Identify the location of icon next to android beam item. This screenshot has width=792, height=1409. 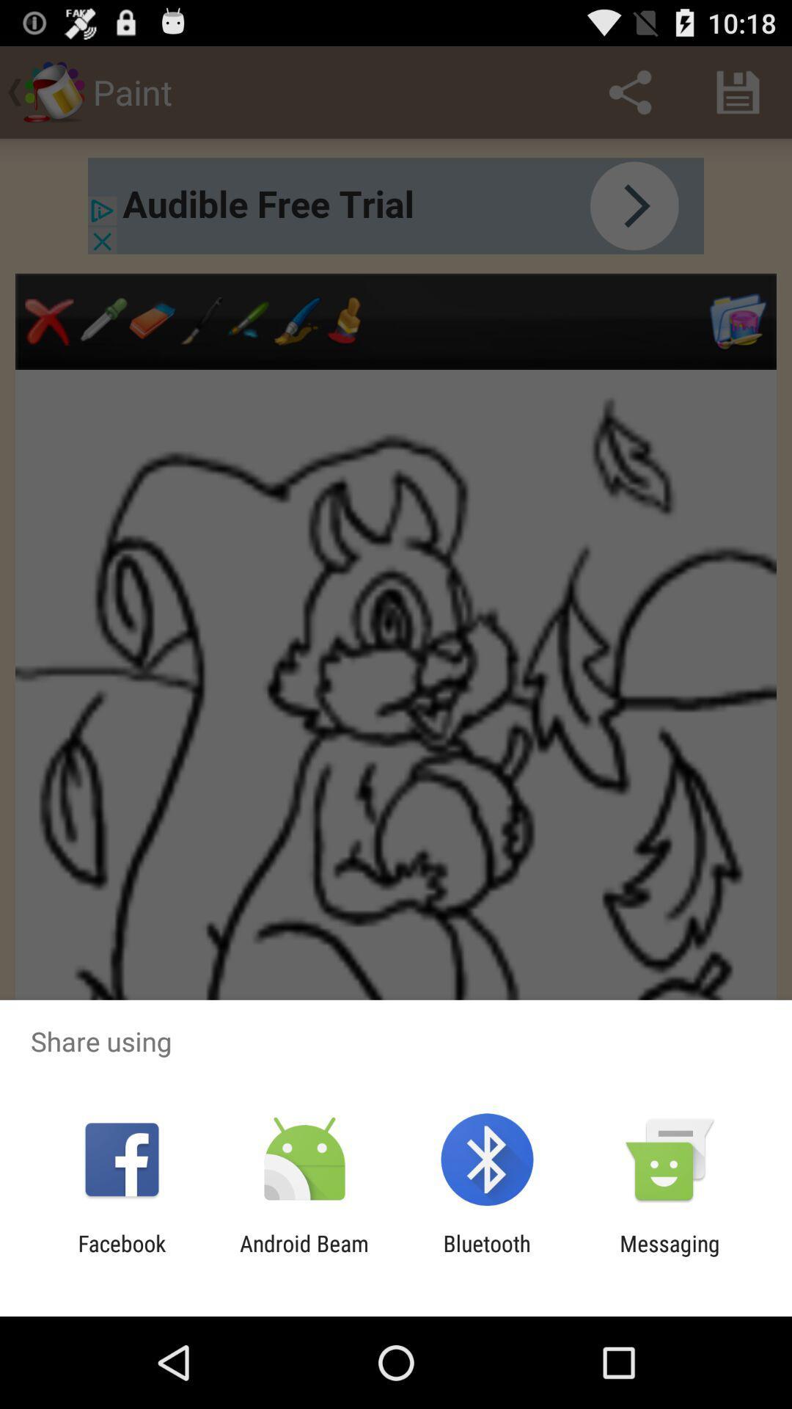
(121, 1256).